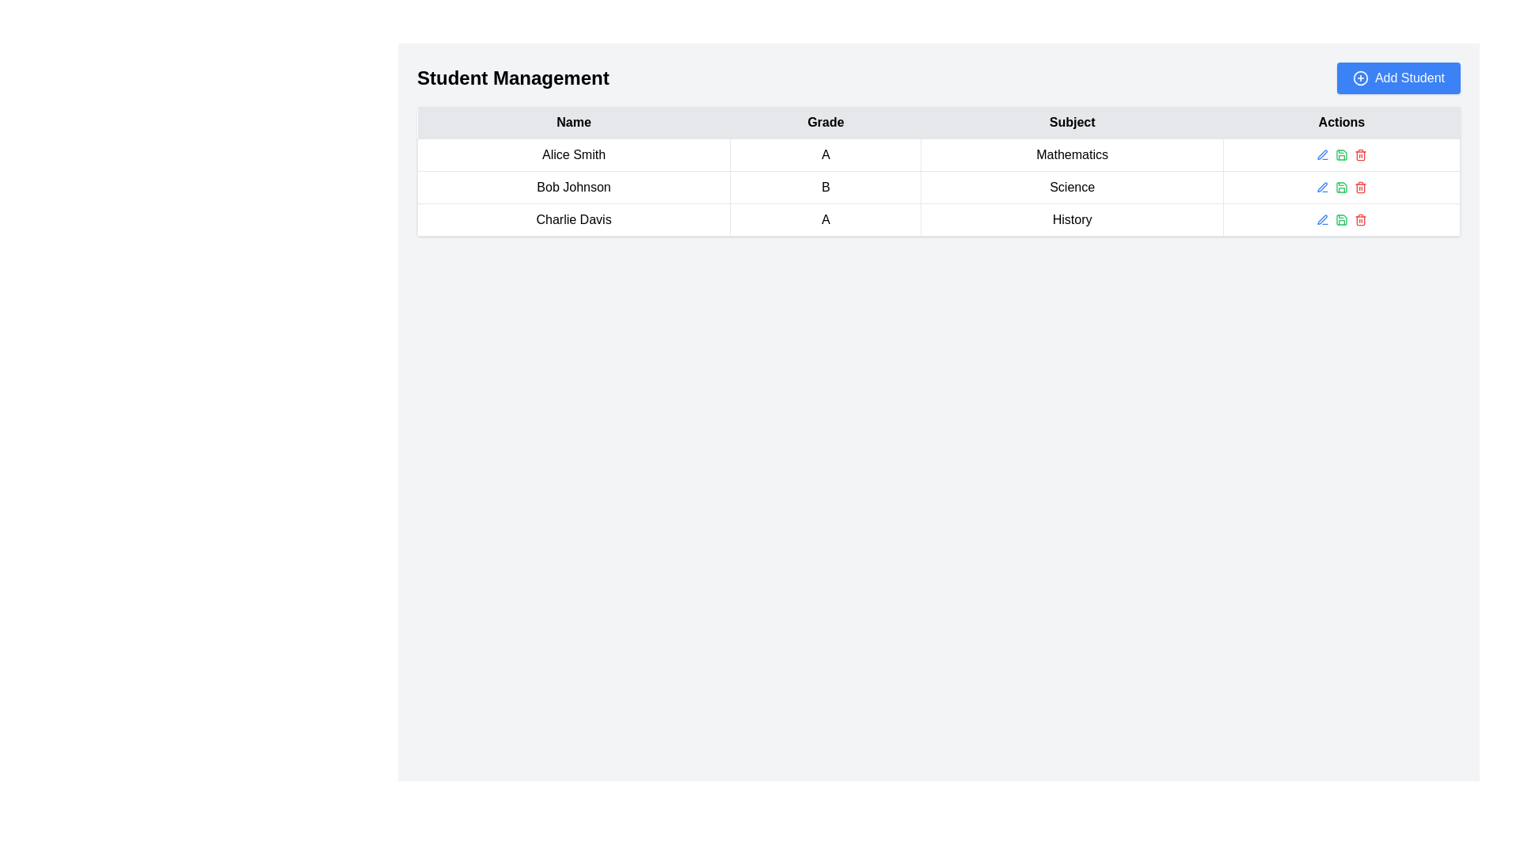  Describe the element at coordinates (1340, 219) in the screenshot. I see `the green save button represented by a floppy disk icon located in the 'Actions' column of the 'History' row, which is the second icon from the left` at that location.